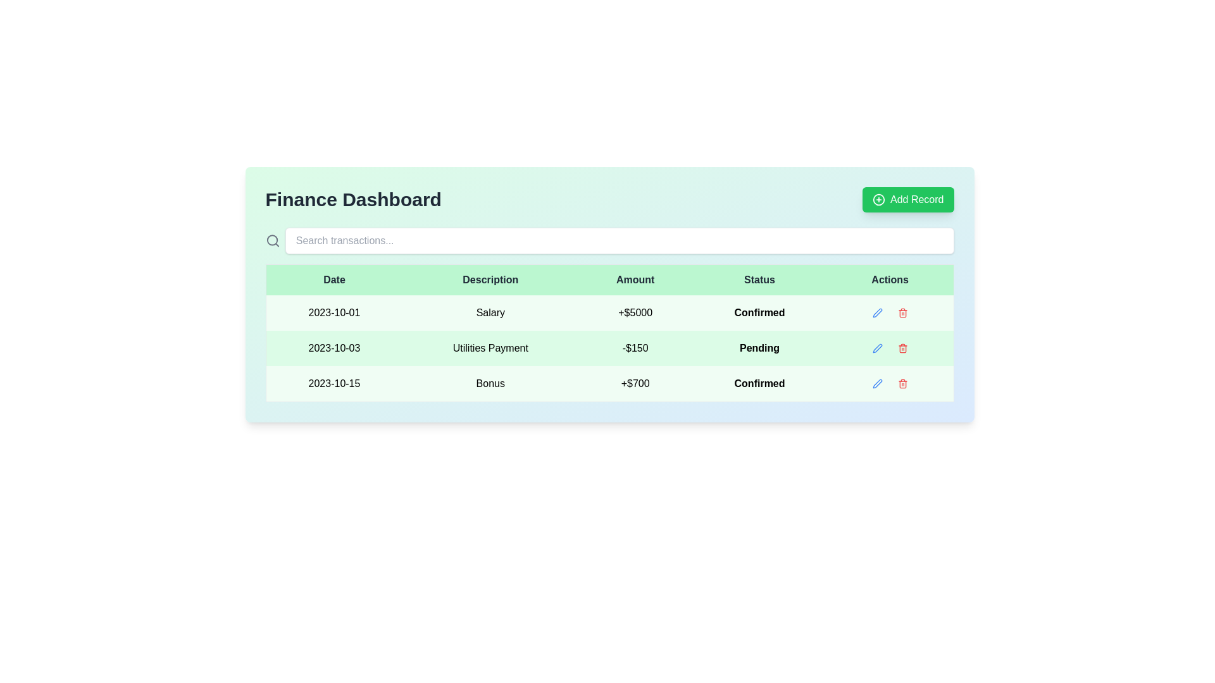 This screenshot has height=683, width=1215. I want to click on the Vector icon (pen icon) in the 'Actions' column of the table, specifically in the second row corresponding to the 'Utilities Payment' record, so click(876, 312).